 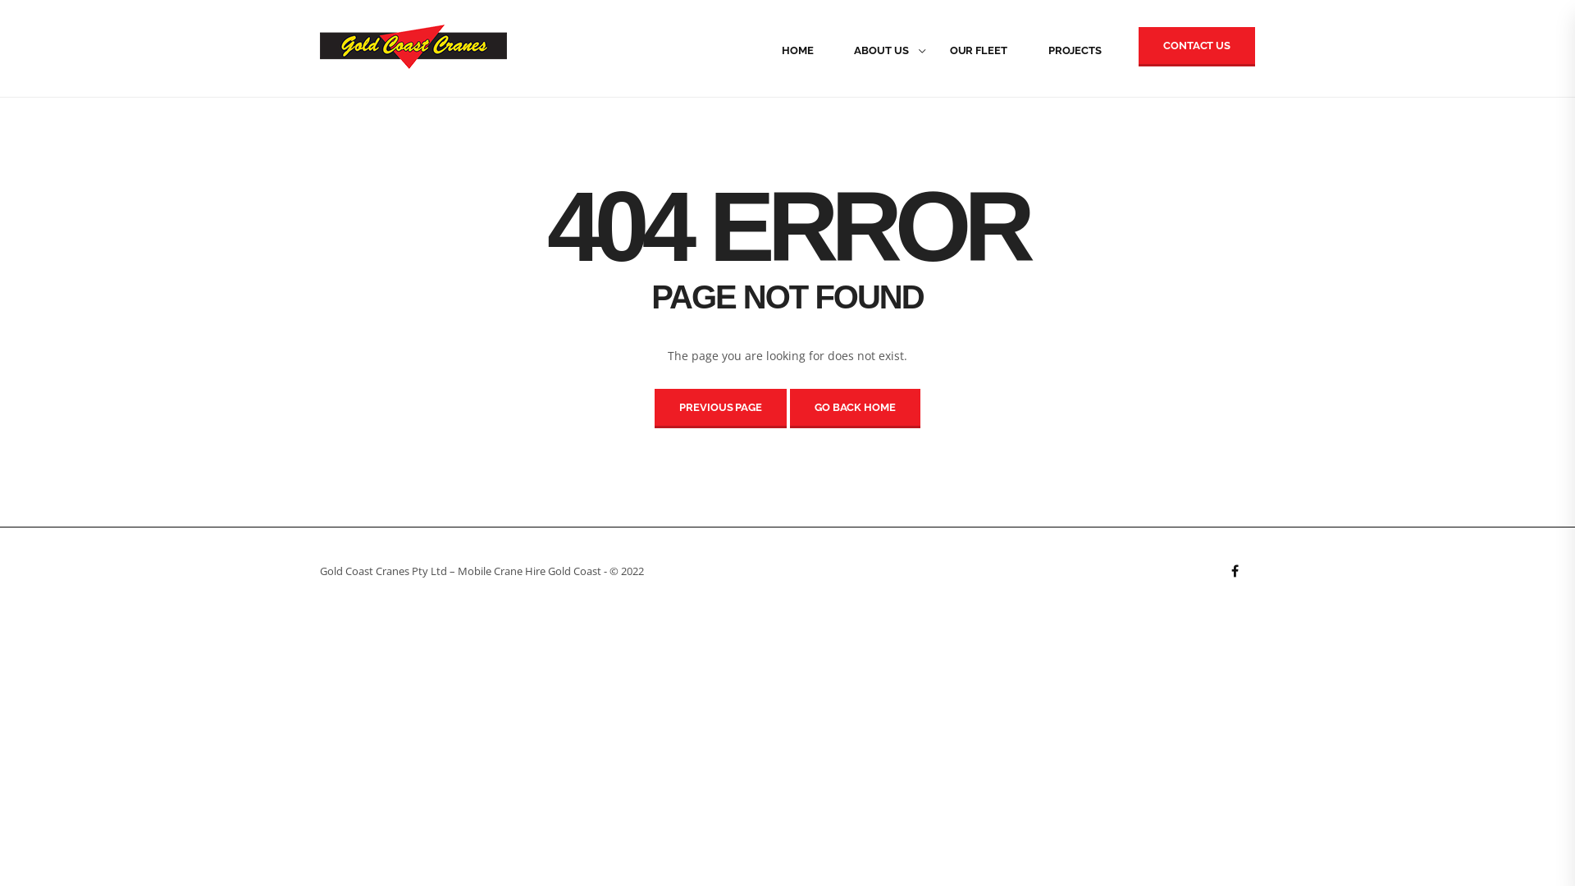 I want to click on 'PREVIOUS PAGE', so click(x=720, y=407).